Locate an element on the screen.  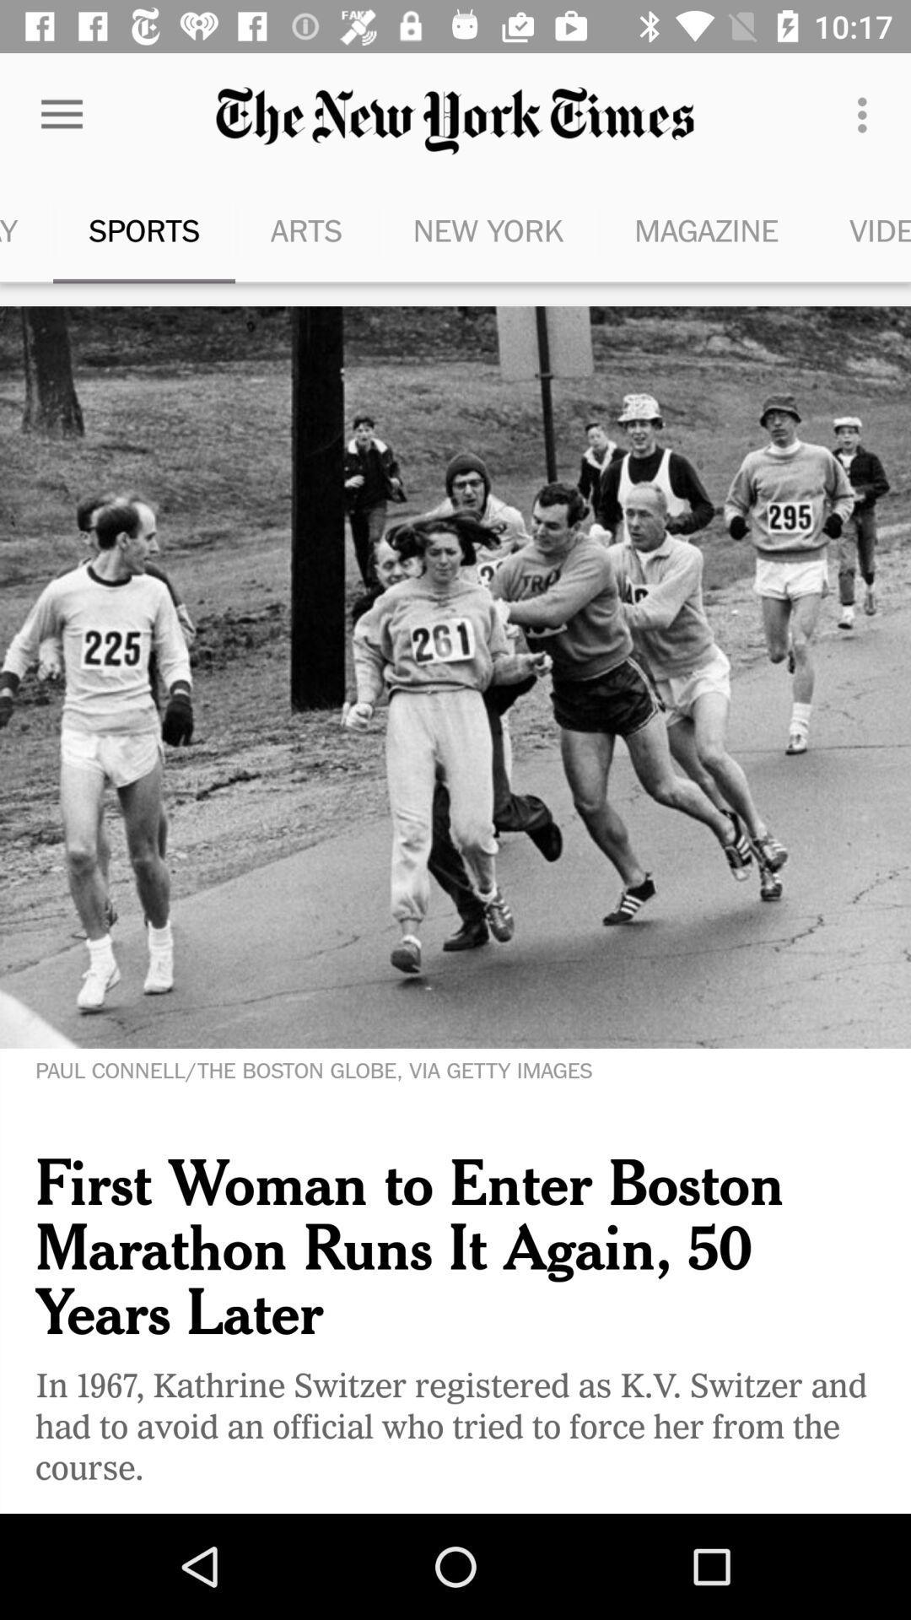
icon above business day is located at coordinates (61, 114).